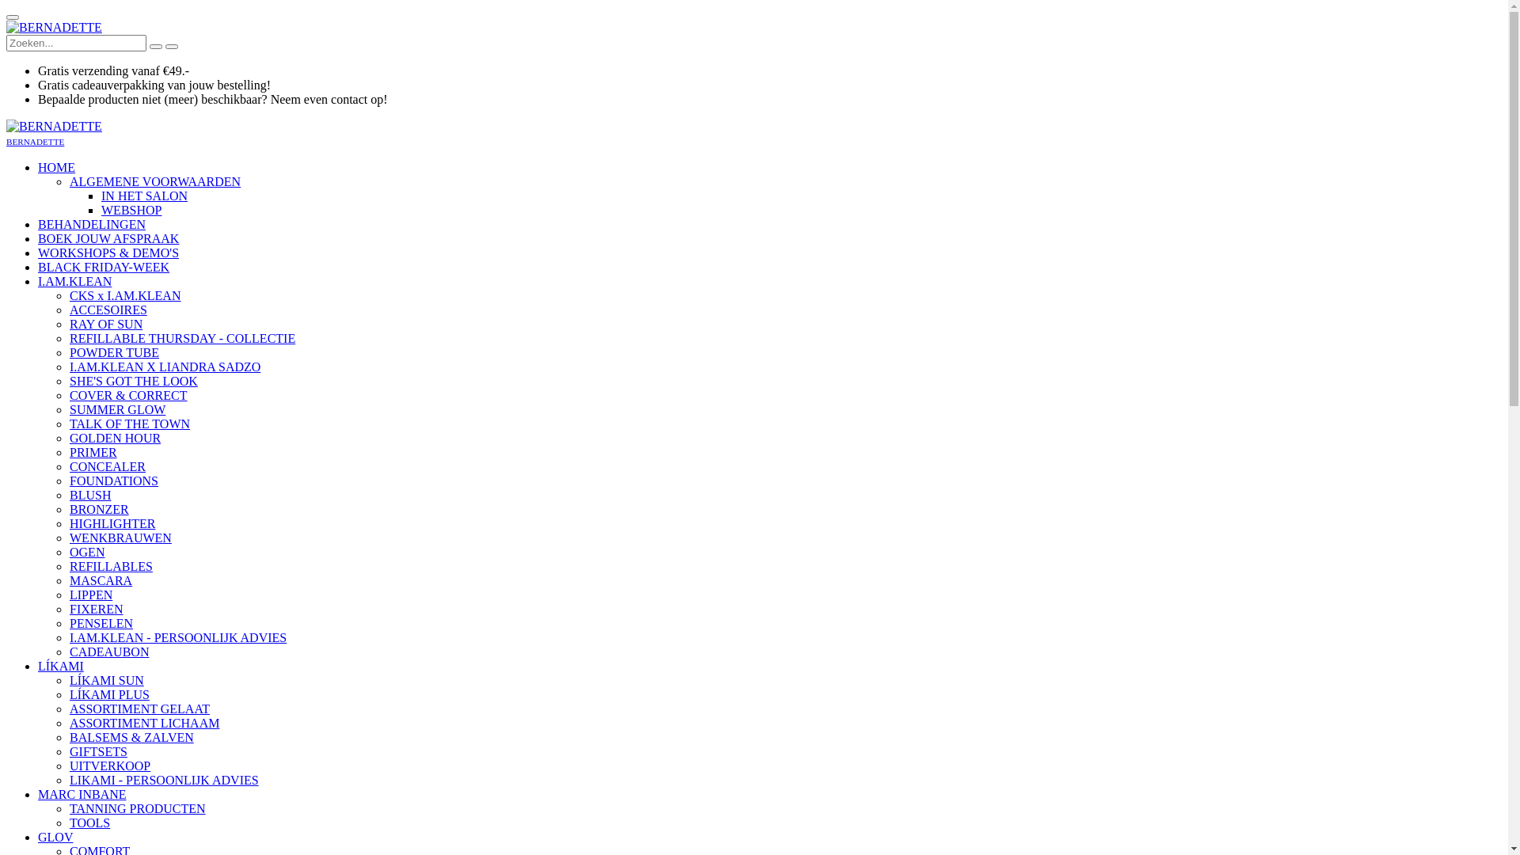 This screenshot has height=855, width=1520. Describe the element at coordinates (110, 565) in the screenshot. I see `'REFILLABLES'` at that location.